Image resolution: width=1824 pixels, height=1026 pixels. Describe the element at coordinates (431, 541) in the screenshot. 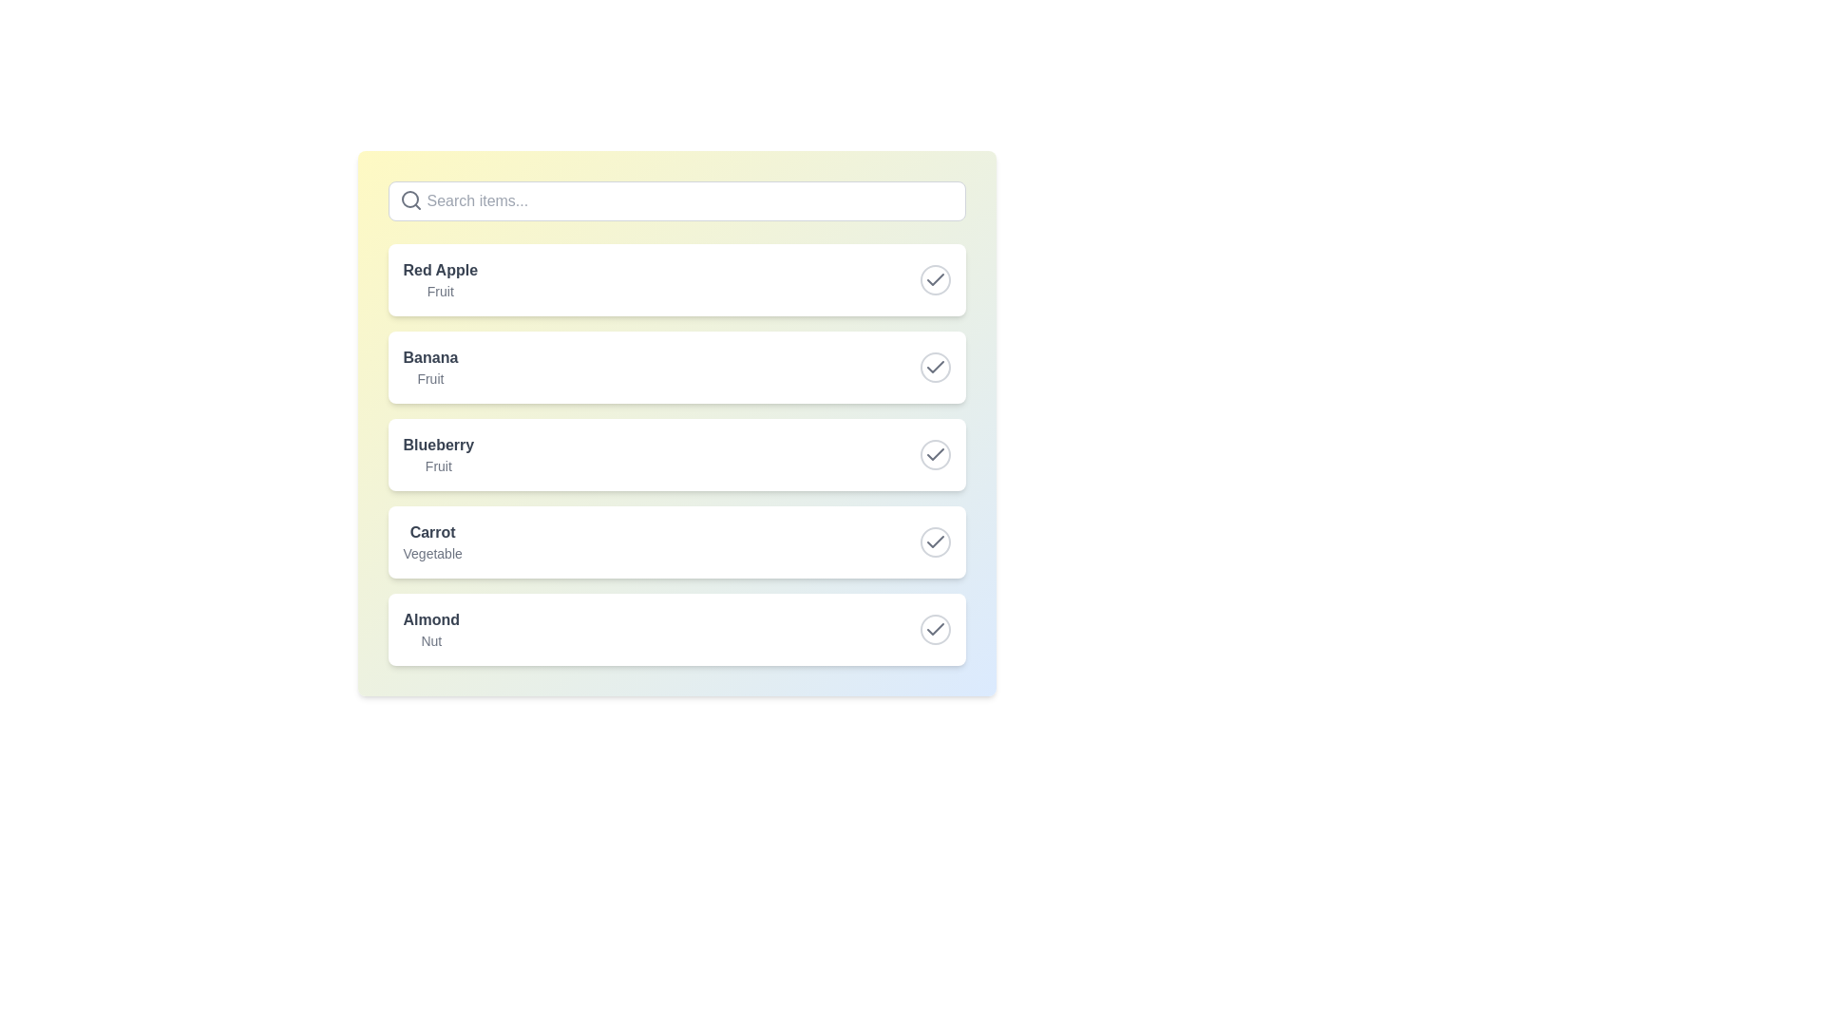

I see `the text label displaying 'Carrot, Vegetable' which is located in the fourth card of a vertical list, positioned between 'Blueberry' and 'Almond'` at that location.